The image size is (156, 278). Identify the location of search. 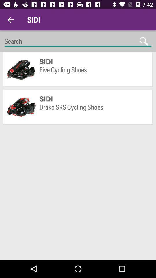
(78, 41).